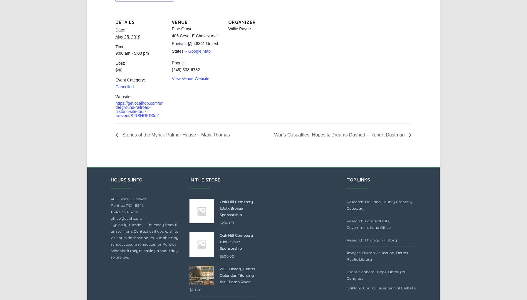 This screenshot has height=300, width=527. What do you see at coordinates (175, 148) in the screenshot?
I see `'Stories of the Myrick Palmer House – Mark Thomas'` at bounding box center [175, 148].